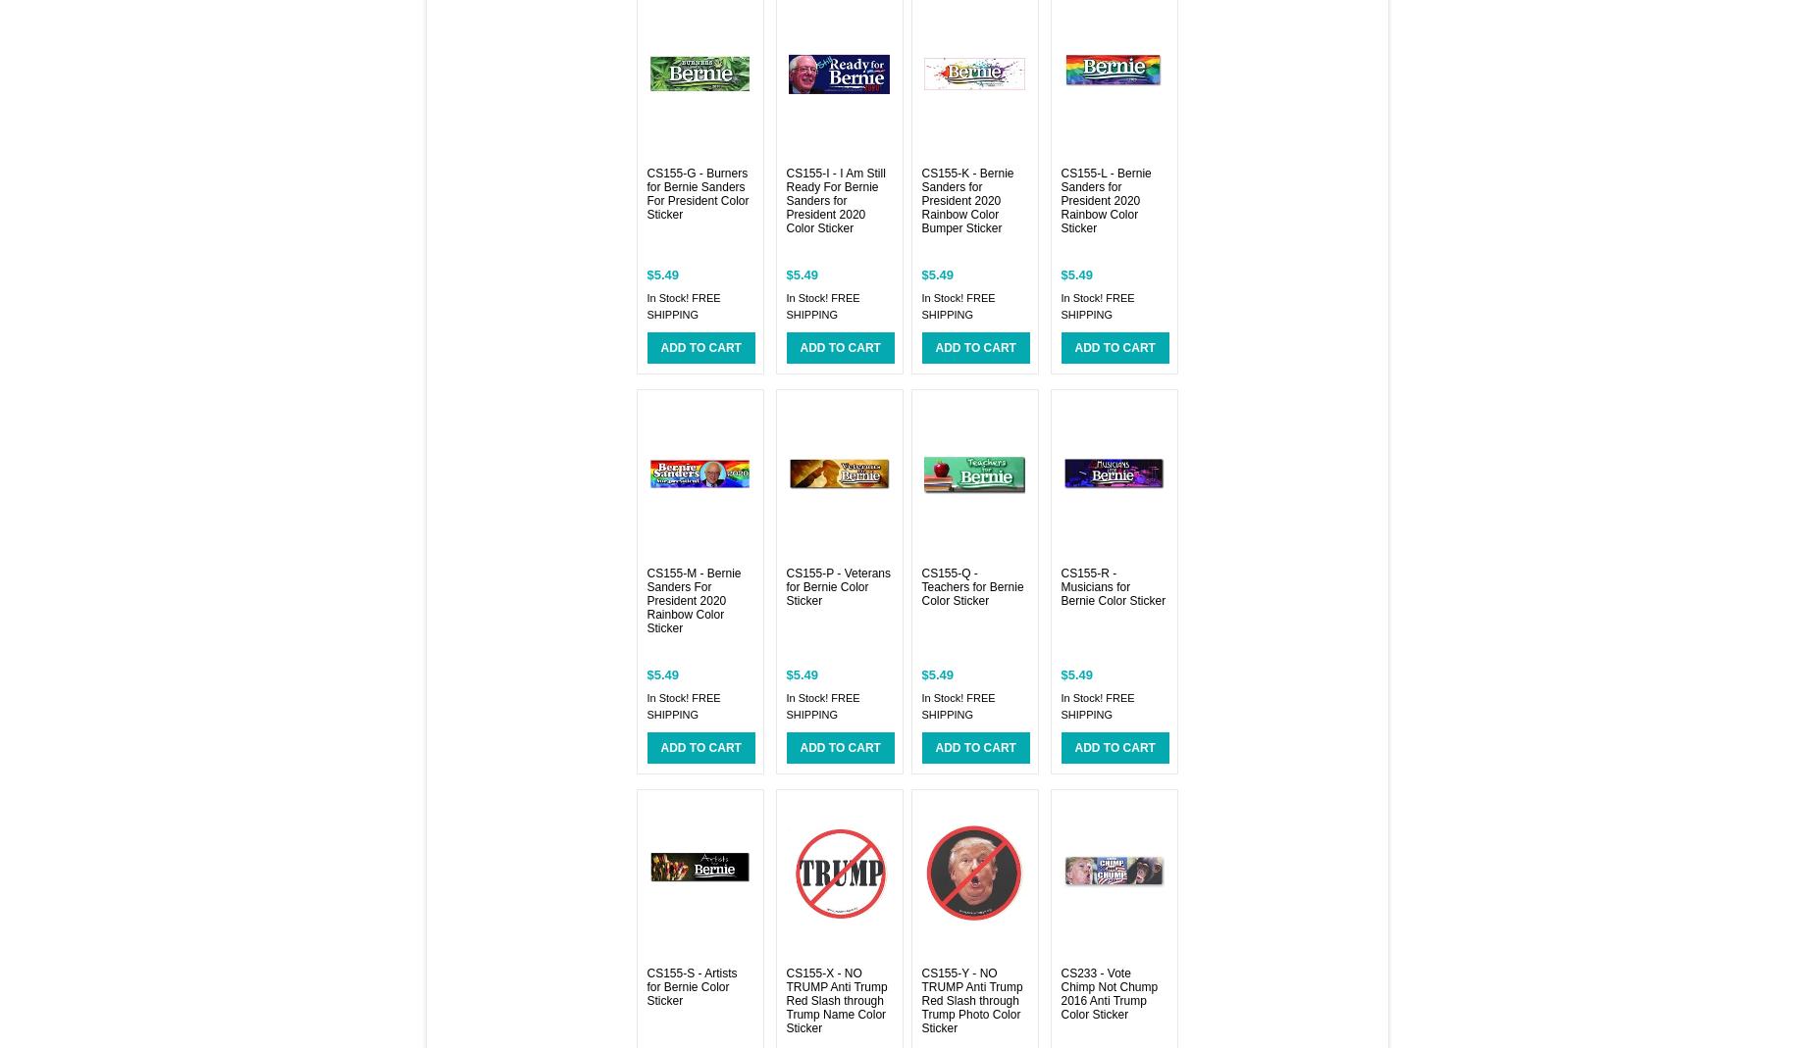 This screenshot has height=1048, width=1814. Describe the element at coordinates (693, 600) in the screenshot. I see `'CS155-M - Bernie Sanders For President 2020 Rainbow Color Sticker'` at that location.